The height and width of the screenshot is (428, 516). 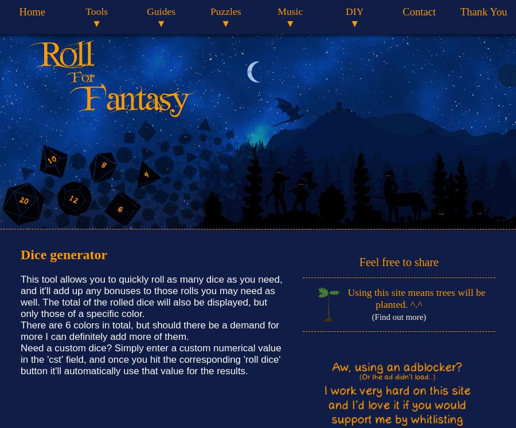 I want to click on 'Need a custom dice? Simply enter a custom numerical value in the 'cst' field, and once you hit the corresponding 'roll dice' button it'll automatically use that value for the results.', so click(x=150, y=359).